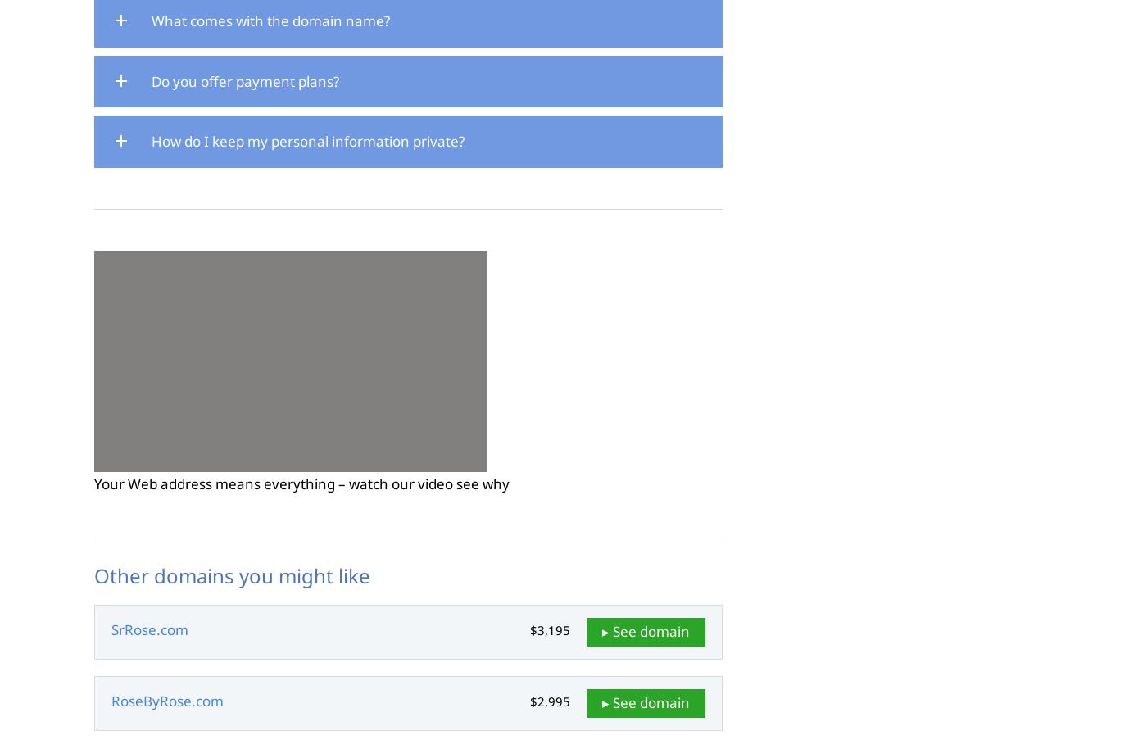  I want to click on '$2,995', so click(550, 701).